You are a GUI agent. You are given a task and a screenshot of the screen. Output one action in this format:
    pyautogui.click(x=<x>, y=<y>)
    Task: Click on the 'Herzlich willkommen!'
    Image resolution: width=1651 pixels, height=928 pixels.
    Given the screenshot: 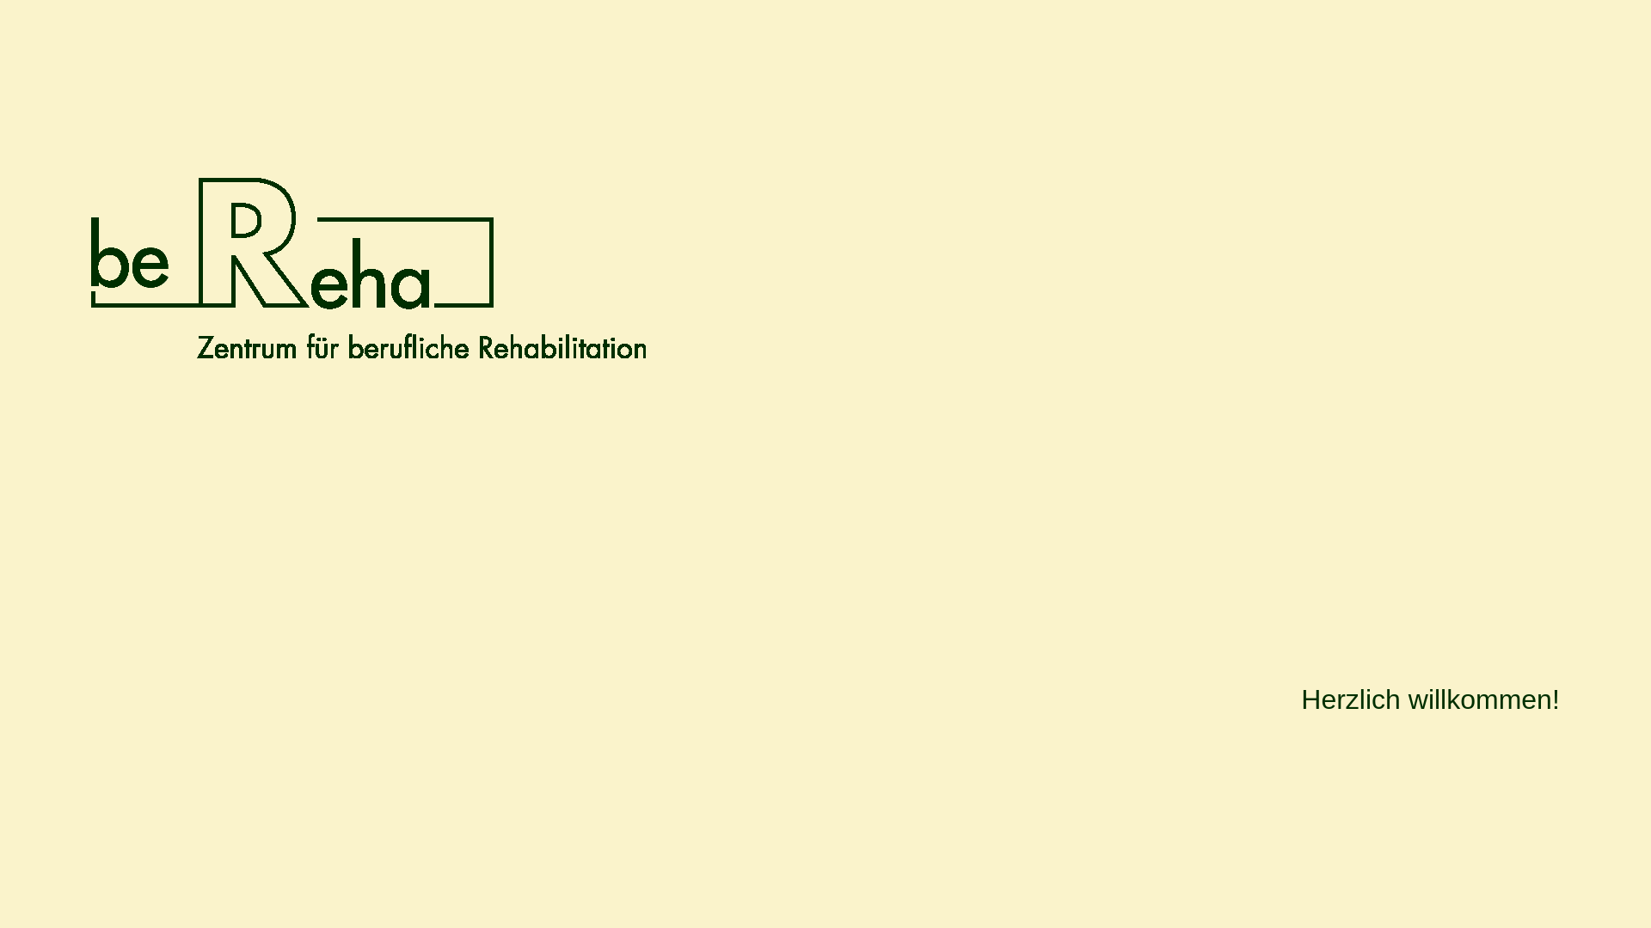 What is the action you would take?
    pyautogui.click(x=1430, y=705)
    